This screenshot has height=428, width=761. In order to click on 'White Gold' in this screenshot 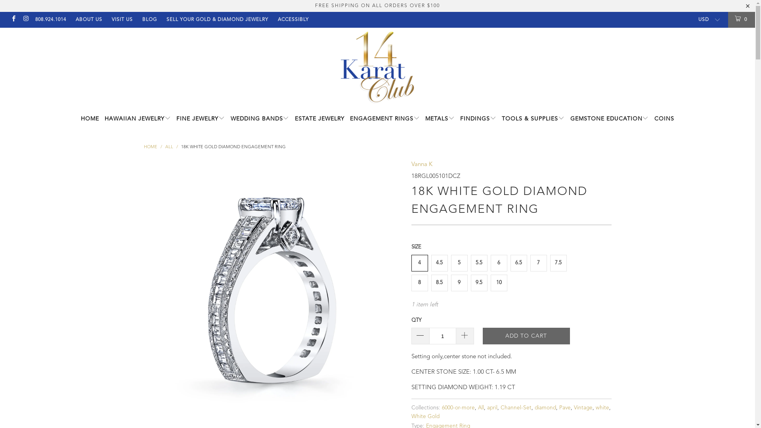, I will do `click(425, 416)`.